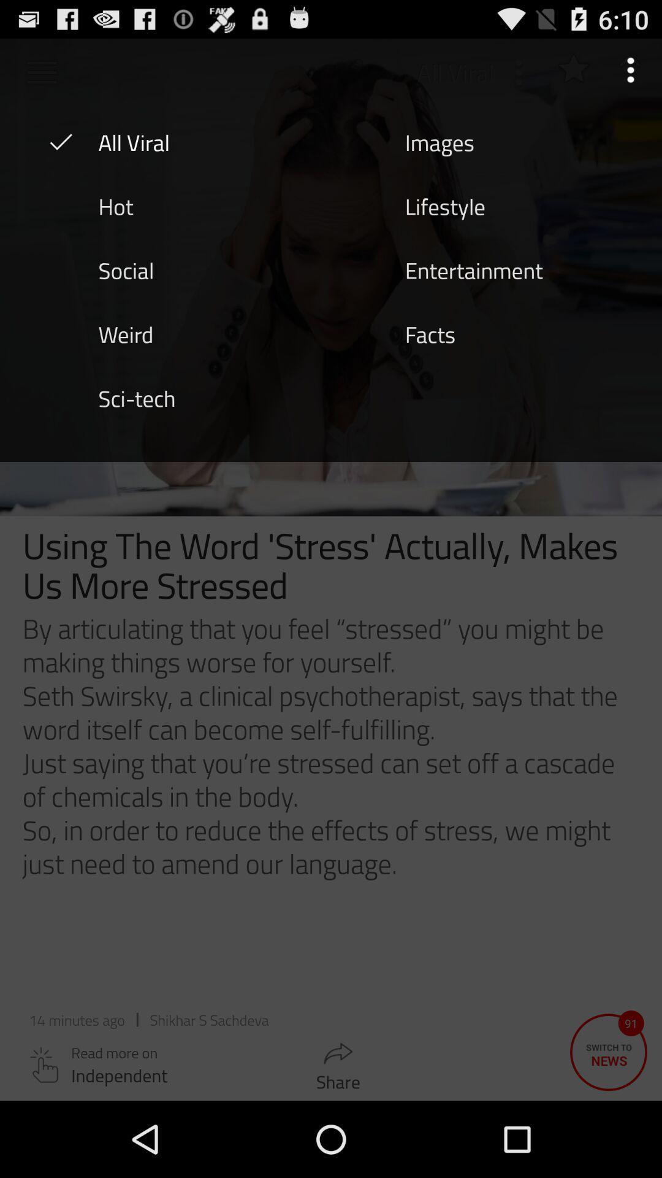  I want to click on icon above sci-tech icon, so click(126, 333).